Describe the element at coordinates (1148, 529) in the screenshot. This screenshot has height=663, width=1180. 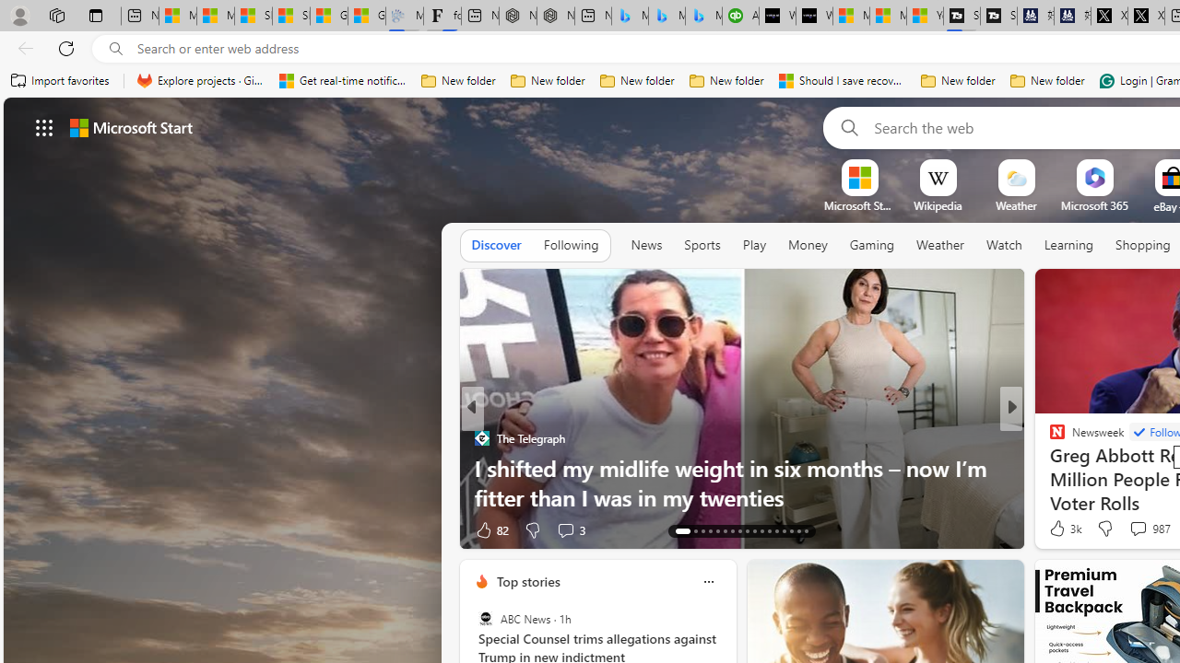
I see `'View comments 987 Comment'` at that location.